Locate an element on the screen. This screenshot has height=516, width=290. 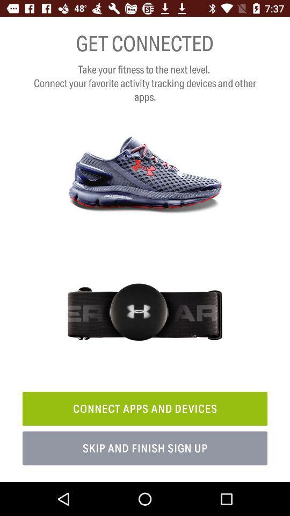
the skip and finish icon is located at coordinates (145, 448).